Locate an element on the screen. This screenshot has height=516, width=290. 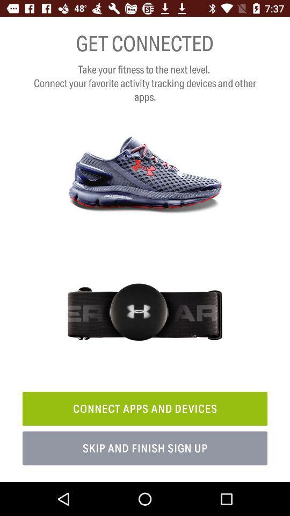
the skip and finish icon is located at coordinates (145, 448).